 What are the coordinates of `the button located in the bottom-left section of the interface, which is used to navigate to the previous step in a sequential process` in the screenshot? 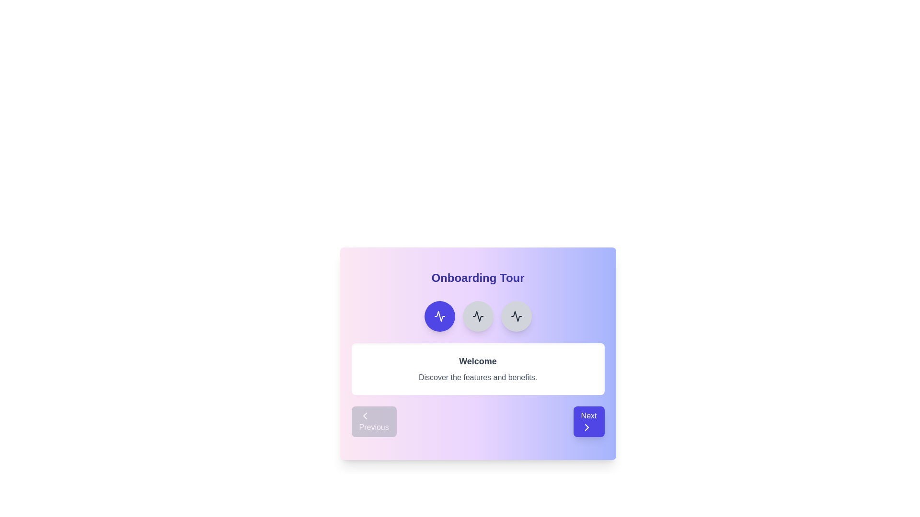 It's located at (373, 421).